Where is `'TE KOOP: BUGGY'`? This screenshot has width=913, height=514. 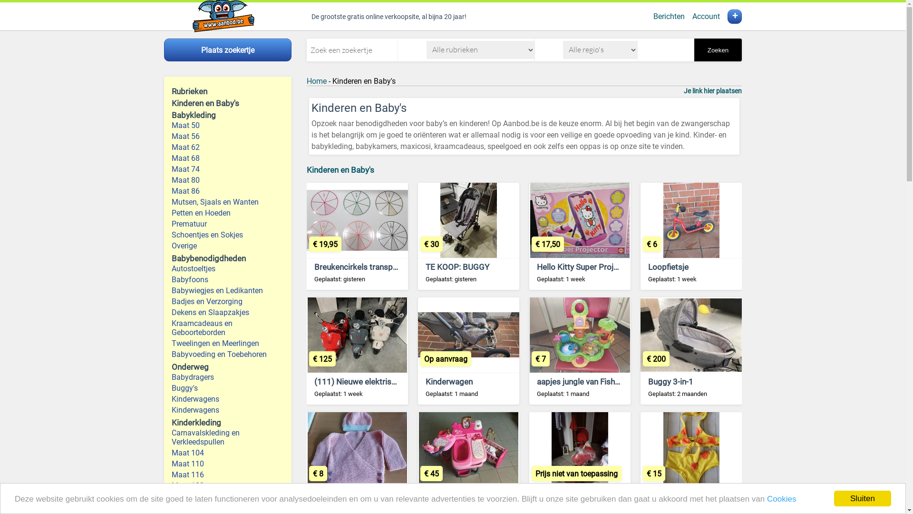
'TE KOOP: BUGGY' is located at coordinates (457, 266).